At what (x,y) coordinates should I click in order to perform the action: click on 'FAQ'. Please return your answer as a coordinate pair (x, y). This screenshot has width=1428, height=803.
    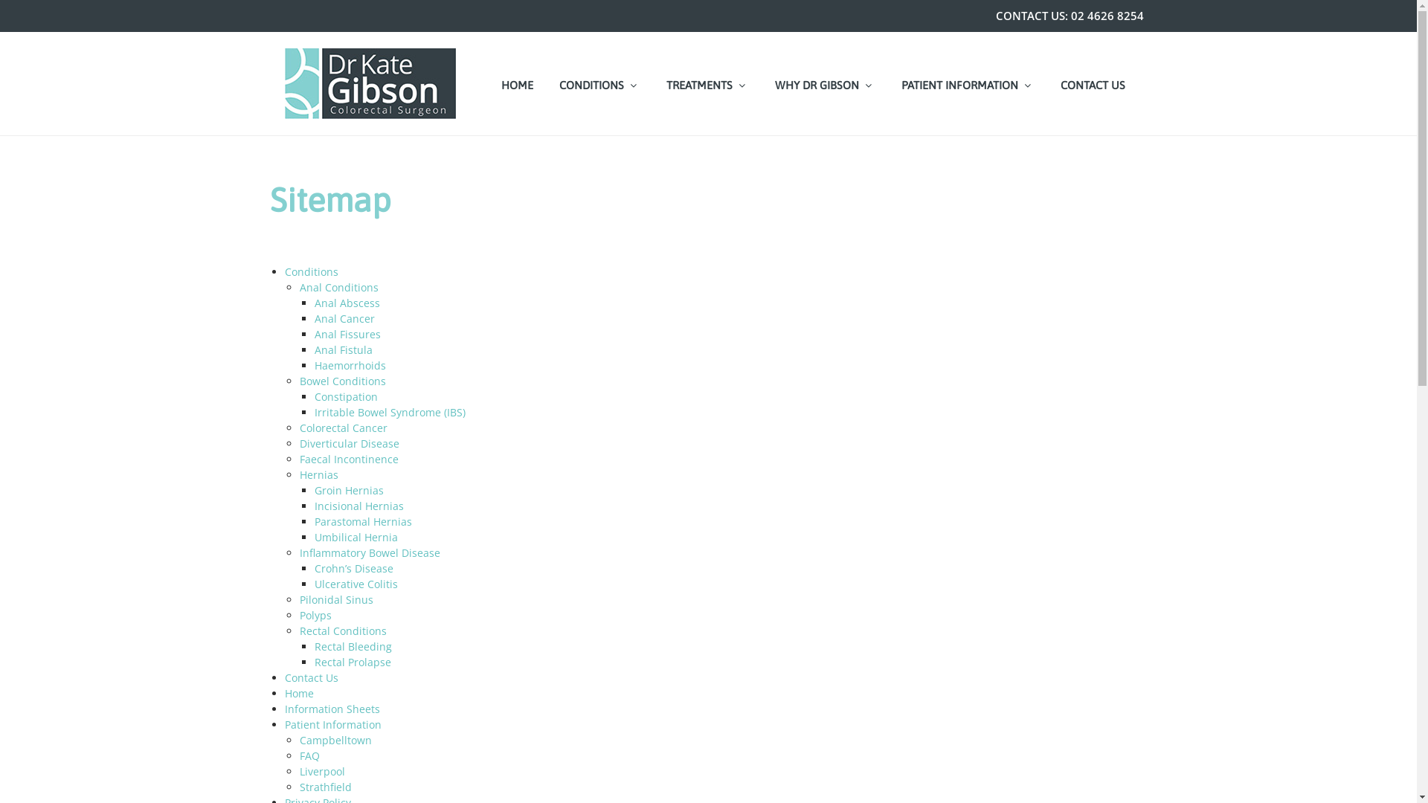
    Looking at the image, I should click on (308, 755).